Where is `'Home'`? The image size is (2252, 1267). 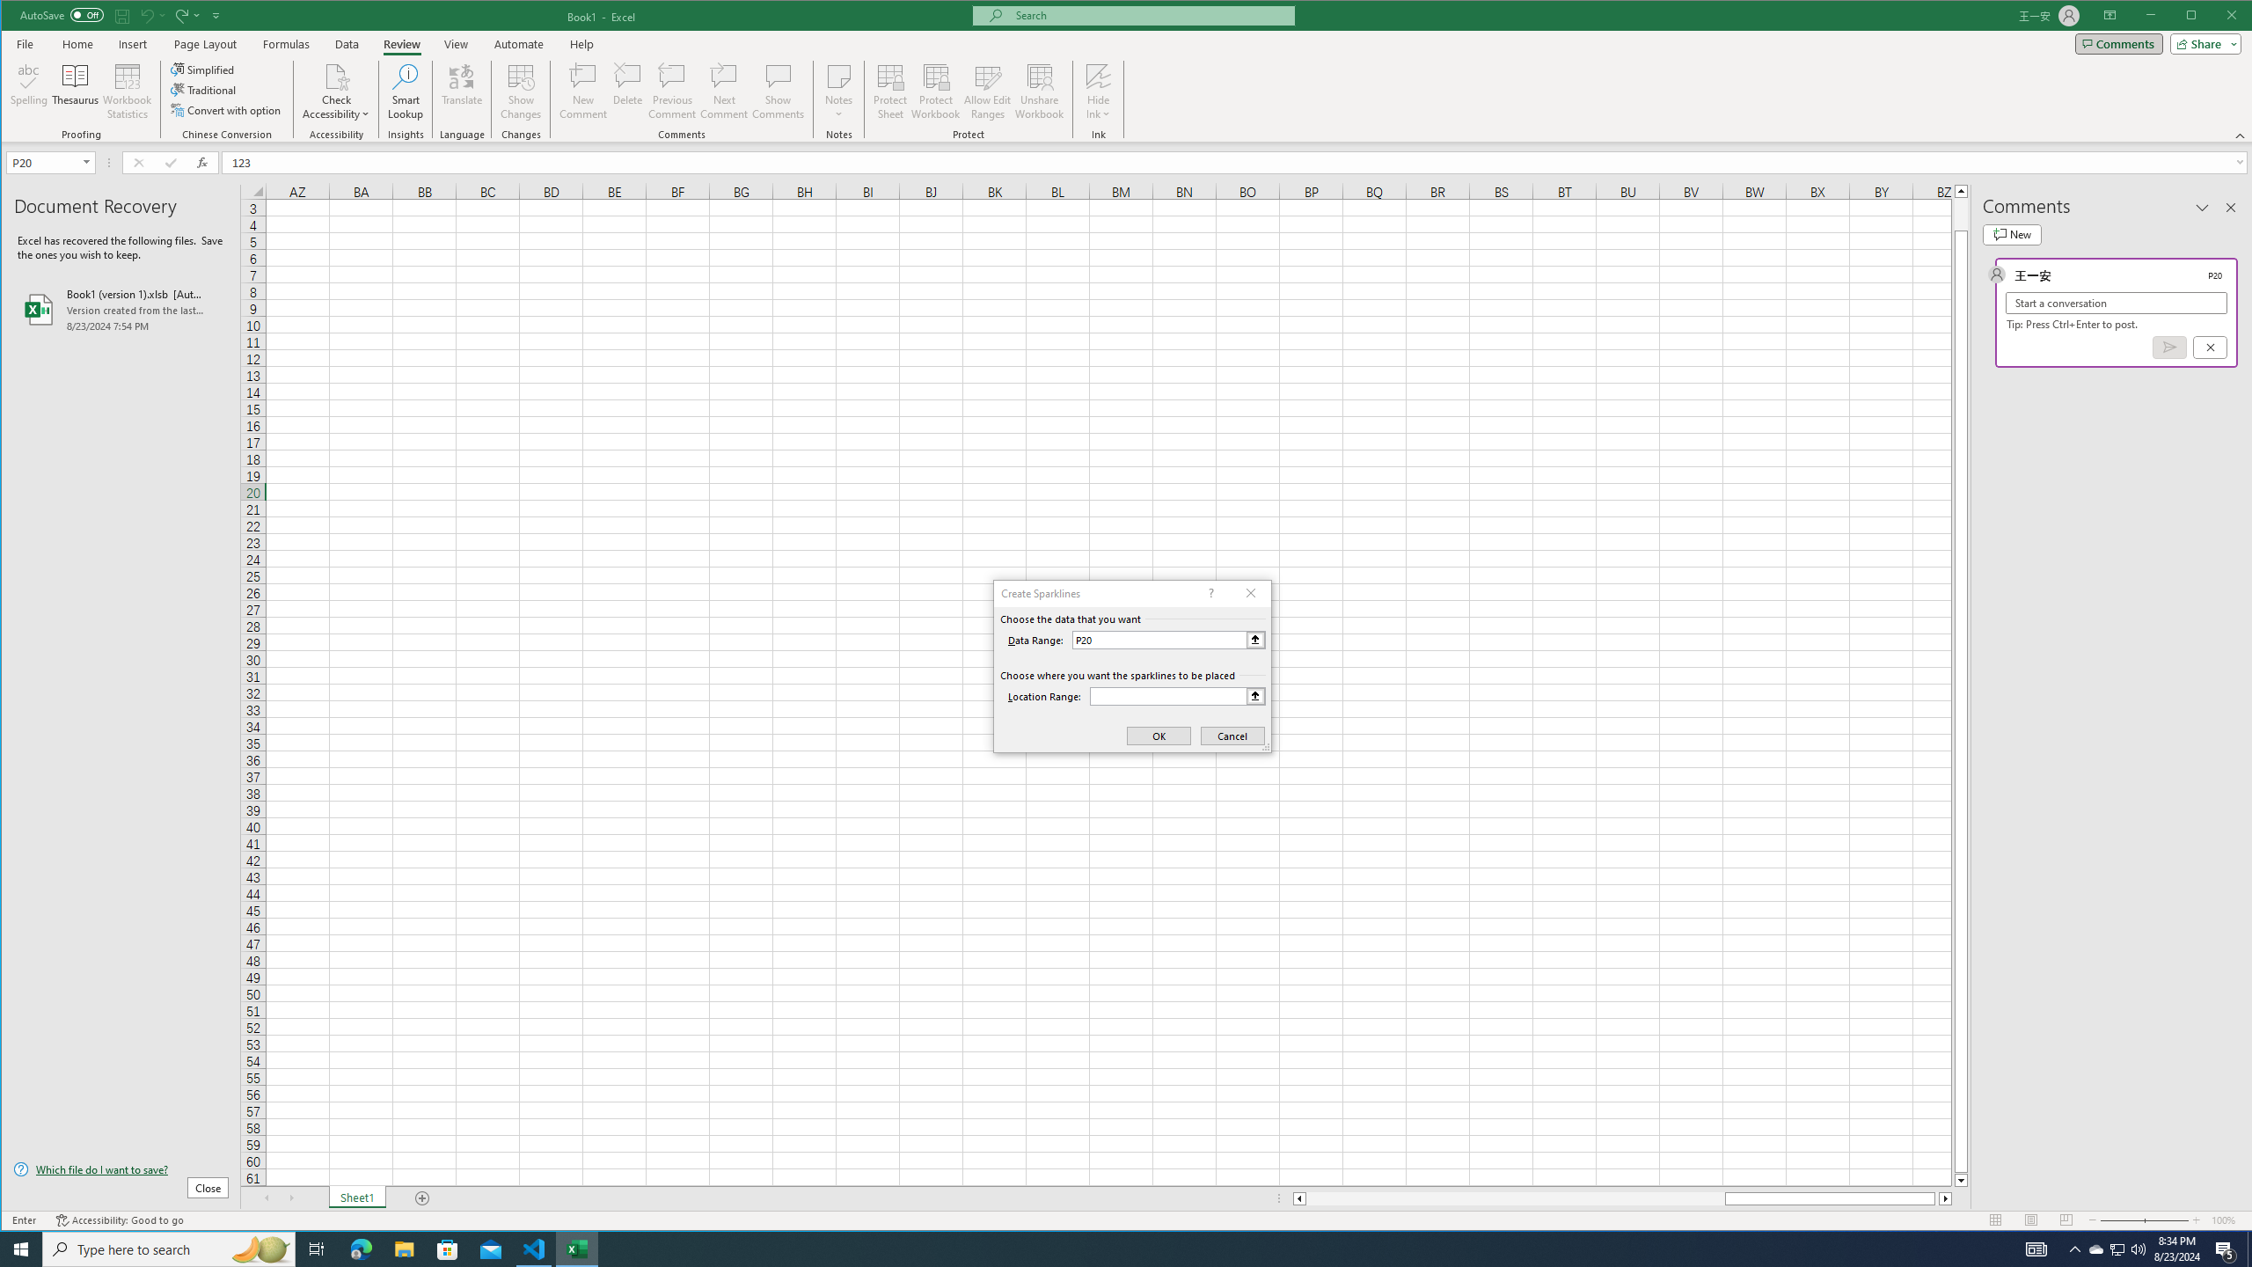
'Home' is located at coordinates (77, 43).